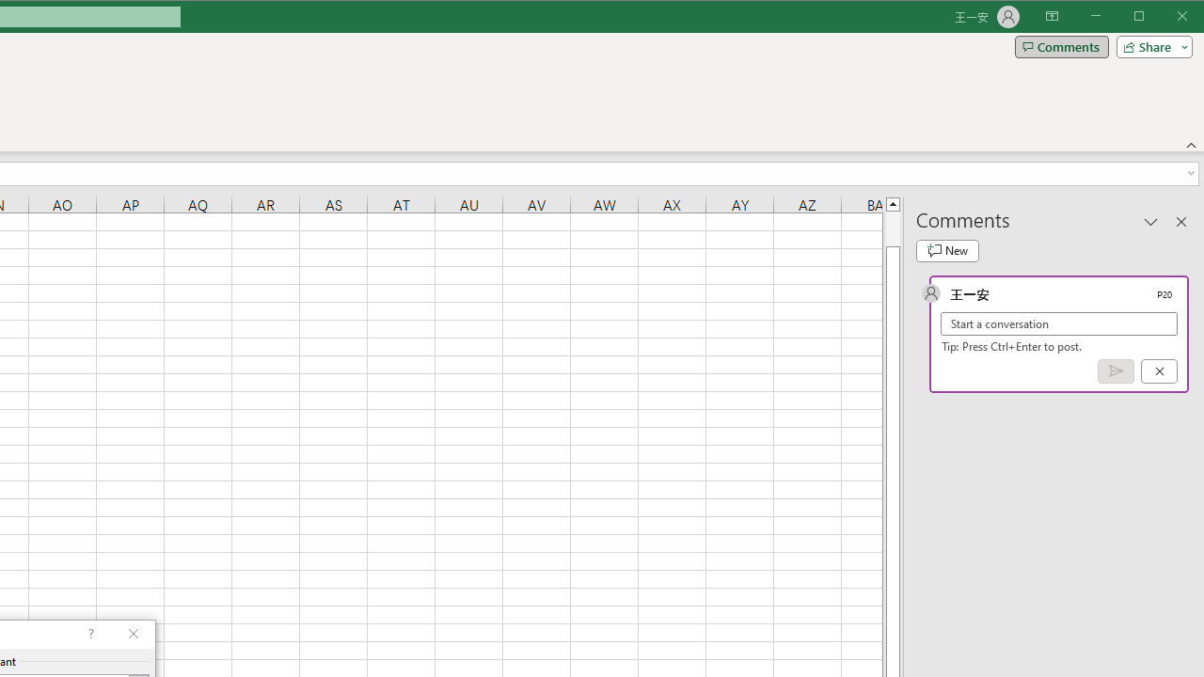  What do you see at coordinates (1144, 18) in the screenshot?
I see `'Minimize'` at bounding box center [1144, 18].